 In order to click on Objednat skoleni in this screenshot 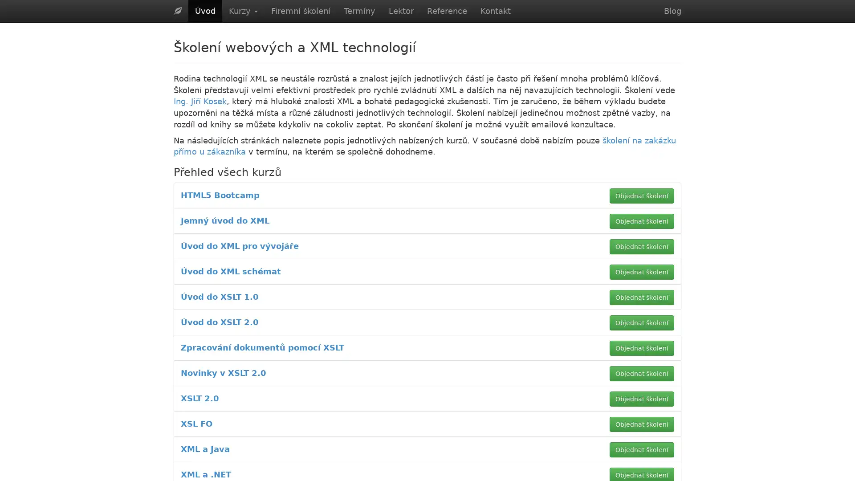, I will do `click(642, 450)`.